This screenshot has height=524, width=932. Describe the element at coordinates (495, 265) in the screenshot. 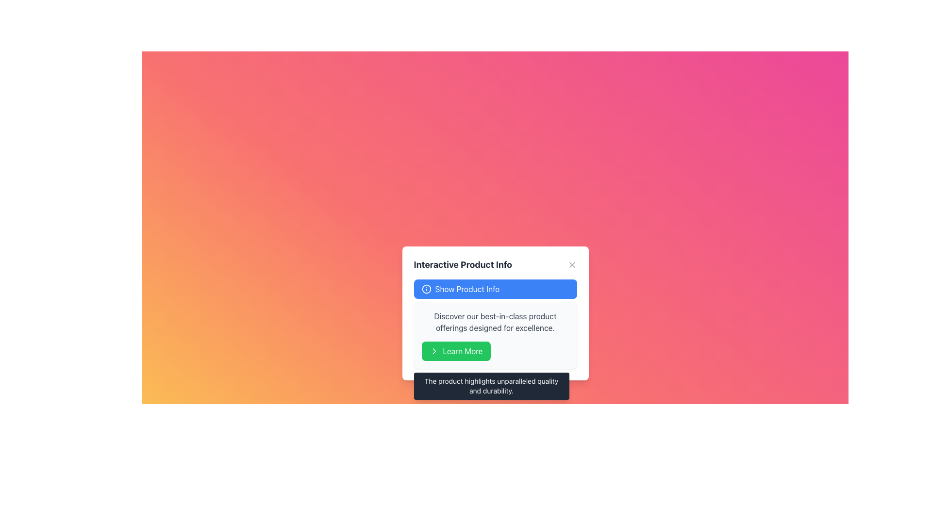

I see `the title text 'Interactive Product Info' to select it for copying` at that location.